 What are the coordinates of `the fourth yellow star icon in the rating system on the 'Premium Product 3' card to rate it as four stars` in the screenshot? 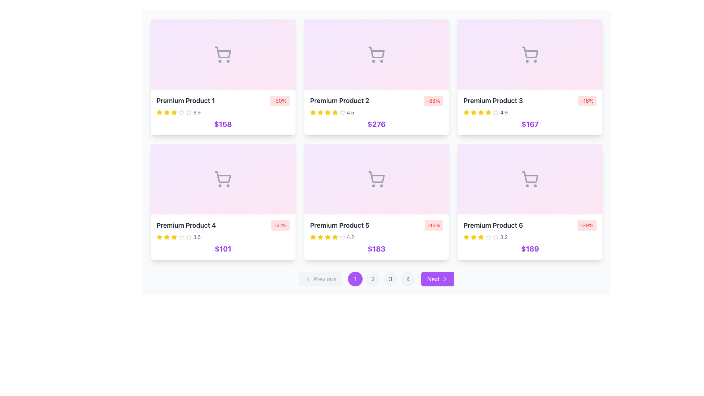 It's located at (481, 112).